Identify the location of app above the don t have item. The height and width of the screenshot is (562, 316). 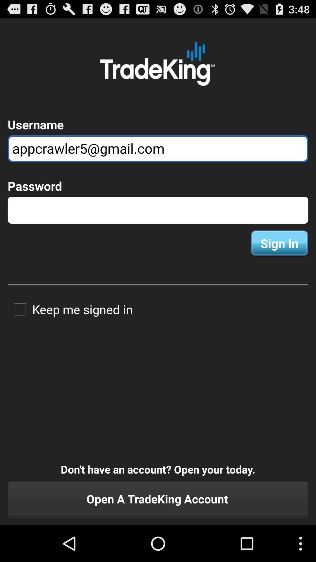
(70, 309).